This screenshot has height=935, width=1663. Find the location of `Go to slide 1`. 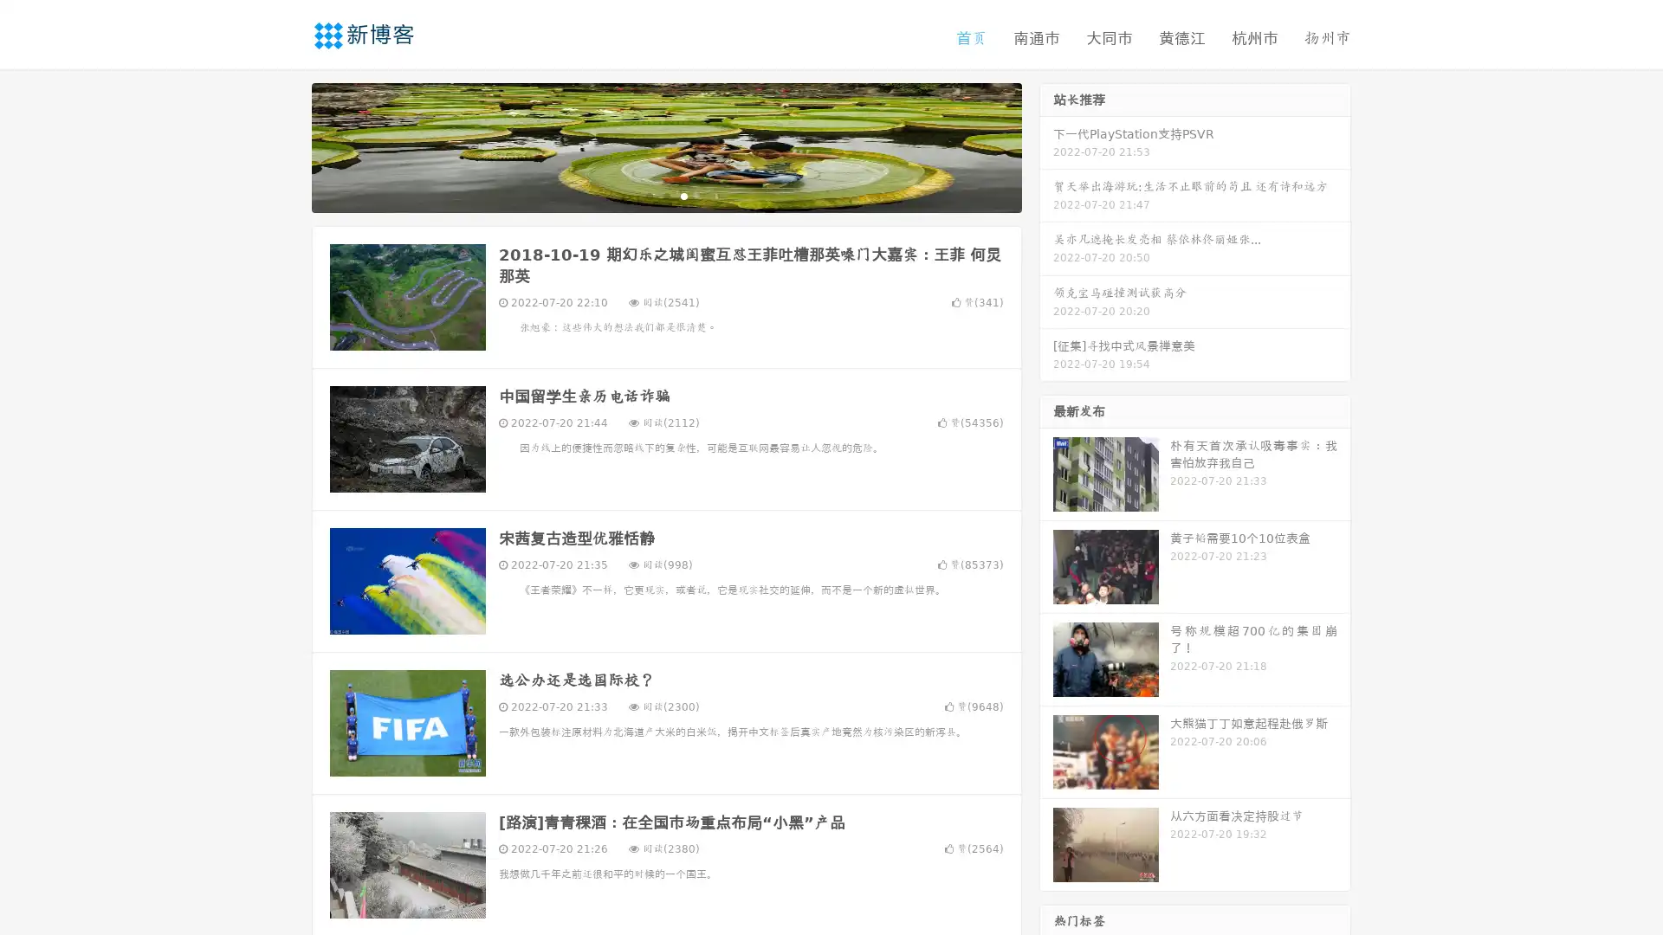

Go to slide 1 is located at coordinates (648, 195).